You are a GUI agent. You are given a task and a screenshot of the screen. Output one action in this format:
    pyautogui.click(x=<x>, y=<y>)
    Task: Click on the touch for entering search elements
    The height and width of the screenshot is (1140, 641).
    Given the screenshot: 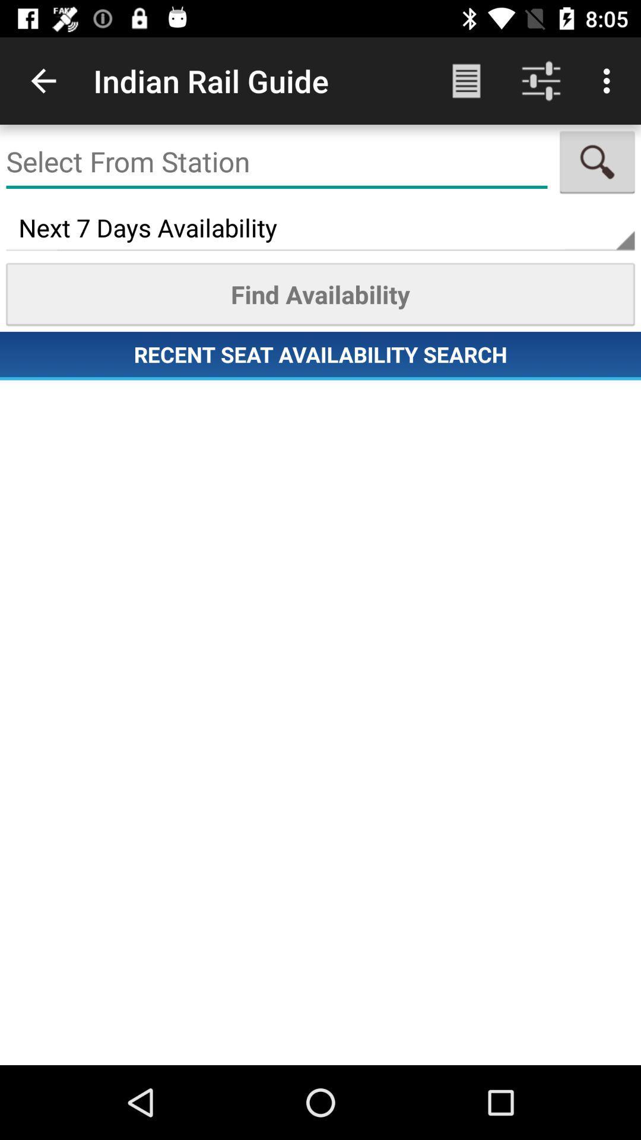 What is the action you would take?
    pyautogui.click(x=277, y=161)
    